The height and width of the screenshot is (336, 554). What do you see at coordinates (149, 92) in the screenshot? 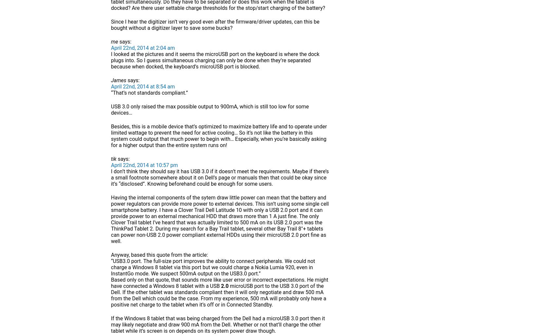
I see `'“That’s not standards compliant.”'` at bounding box center [149, 92].